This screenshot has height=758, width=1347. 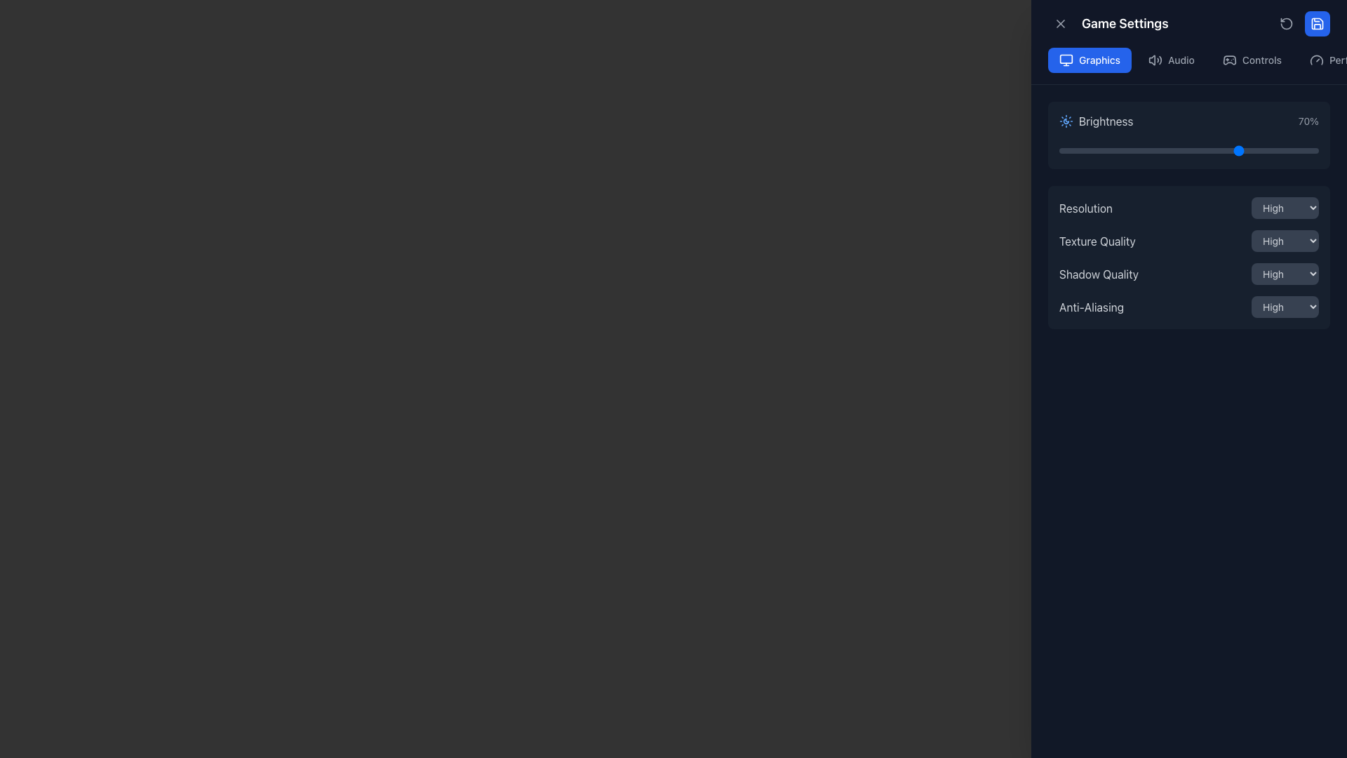 What do you see at coordinates (1286, 24) in the screenshot?
I see `the reset button located at the top-right section of the interface` at bounding box center [1286, 24].